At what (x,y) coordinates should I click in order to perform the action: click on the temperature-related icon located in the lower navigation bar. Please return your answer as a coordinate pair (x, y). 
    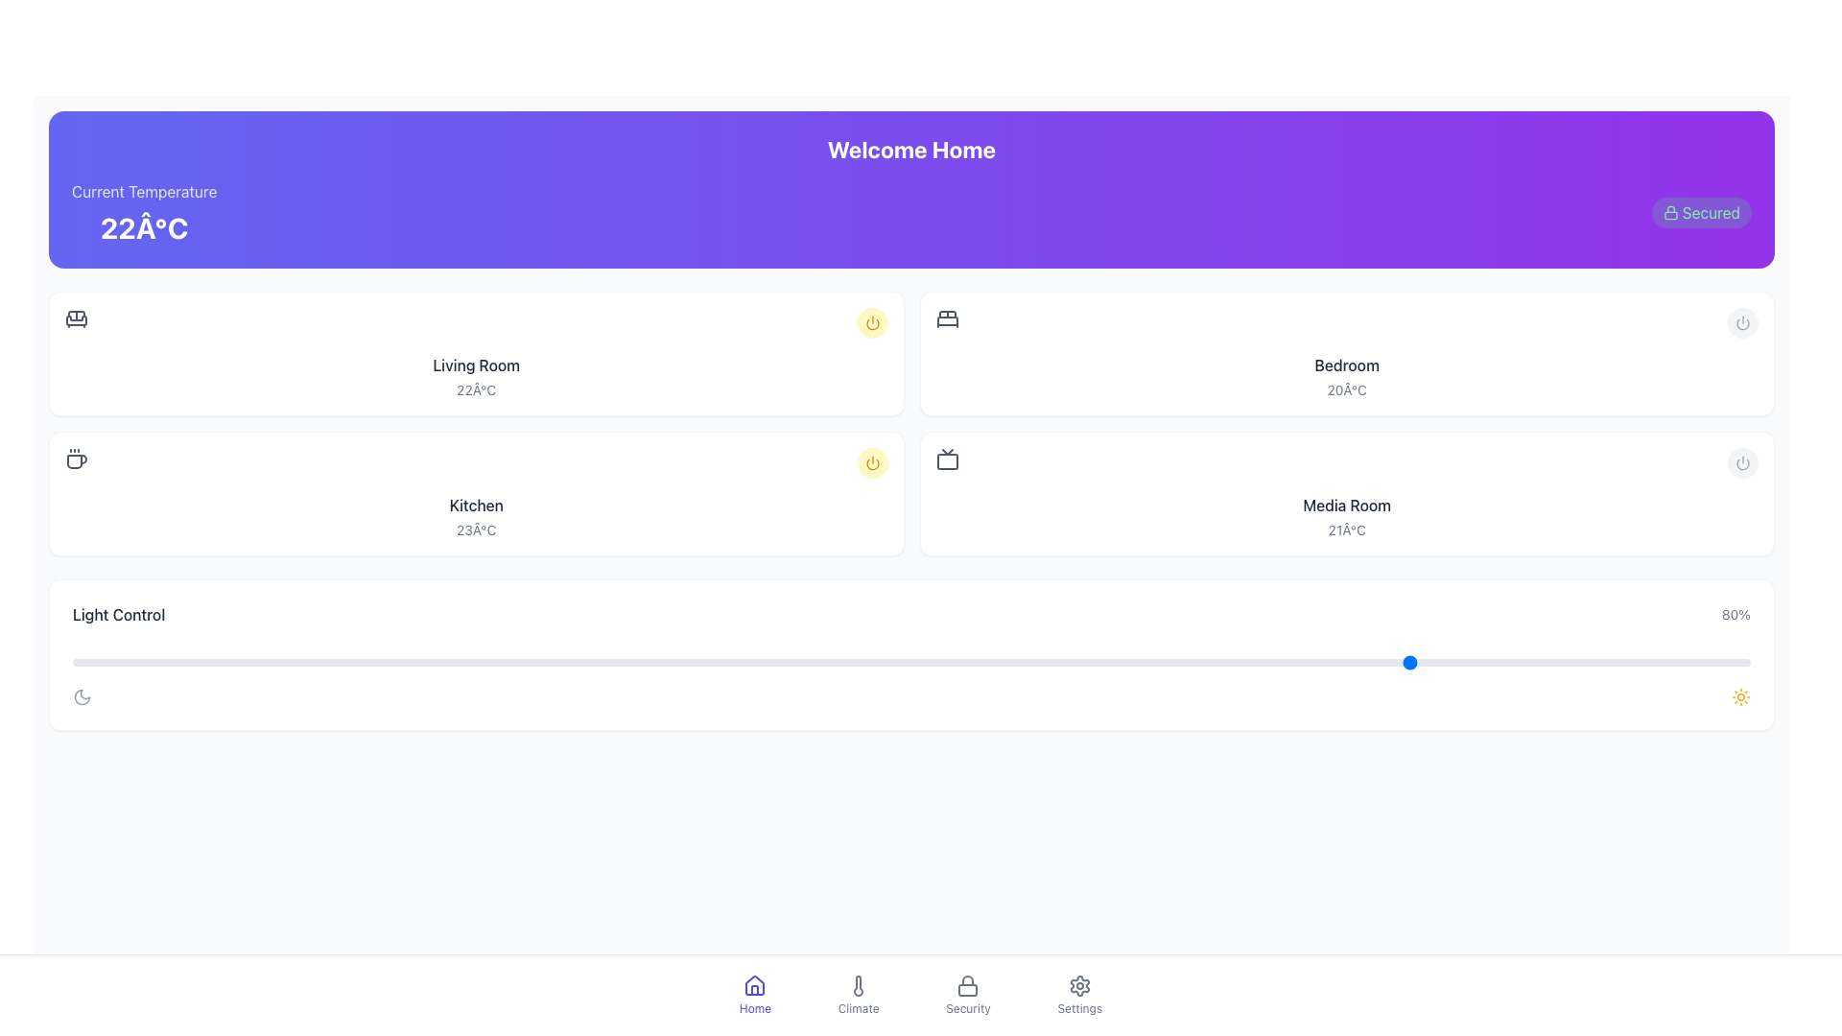
    Looking at the image, I should click on (858, 986).